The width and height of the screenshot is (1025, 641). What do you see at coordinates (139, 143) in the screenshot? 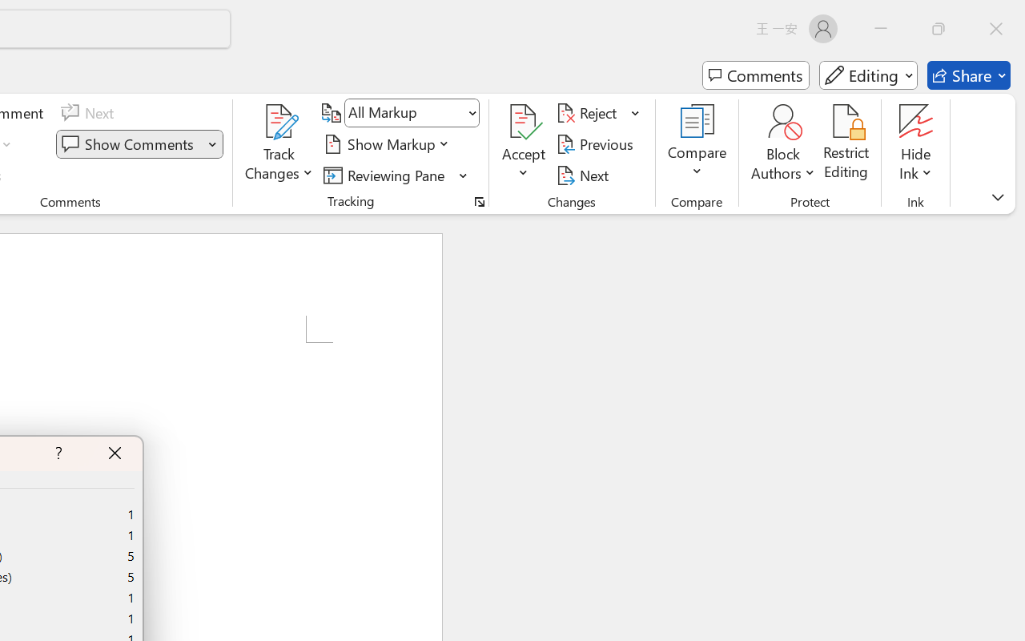
I see `'Show Comments'` at bounding box center [139, 143].